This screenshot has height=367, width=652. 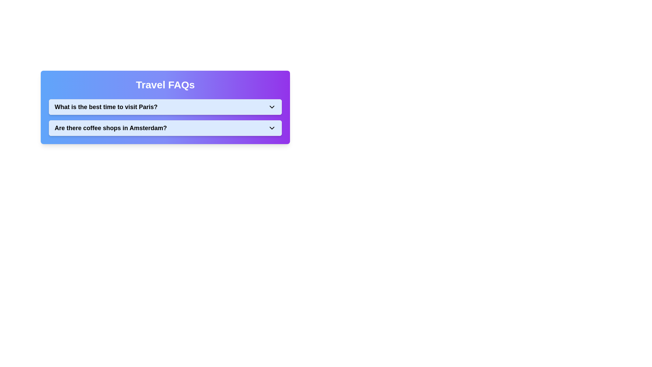 I want to click on the Expandable Item that features a blue background and includes the question 'What is the best time to visit Paris?', so click(x=165, y=117).